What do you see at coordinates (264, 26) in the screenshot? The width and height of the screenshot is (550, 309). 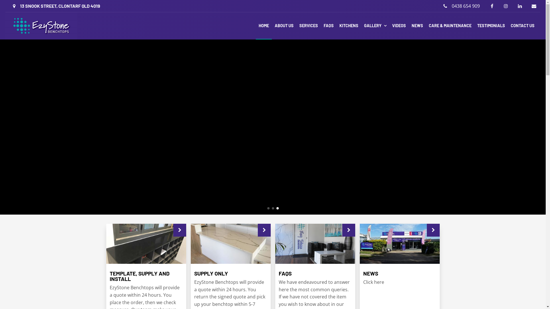 I see `'HOME'` at bounding box center [264, 26].